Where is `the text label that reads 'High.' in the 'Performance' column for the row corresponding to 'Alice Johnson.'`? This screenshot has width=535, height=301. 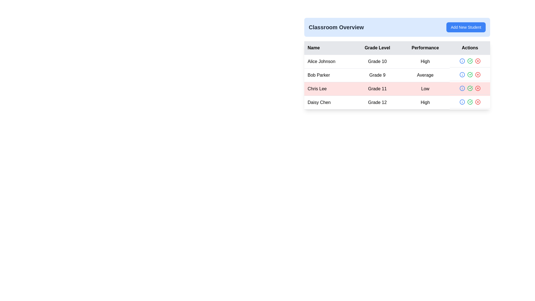 the text label that reads 'High.' in the 'Performance' column for the row corresponding to 'Alice Johnson.' is located at coordinates (425, 61).